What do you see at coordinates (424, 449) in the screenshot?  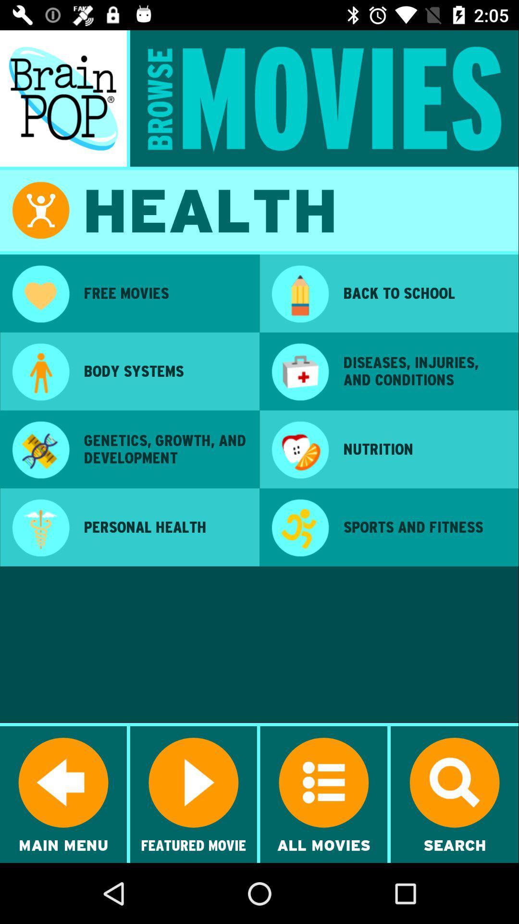 I see `the nutrition icon` at bounding box center [424, 449].